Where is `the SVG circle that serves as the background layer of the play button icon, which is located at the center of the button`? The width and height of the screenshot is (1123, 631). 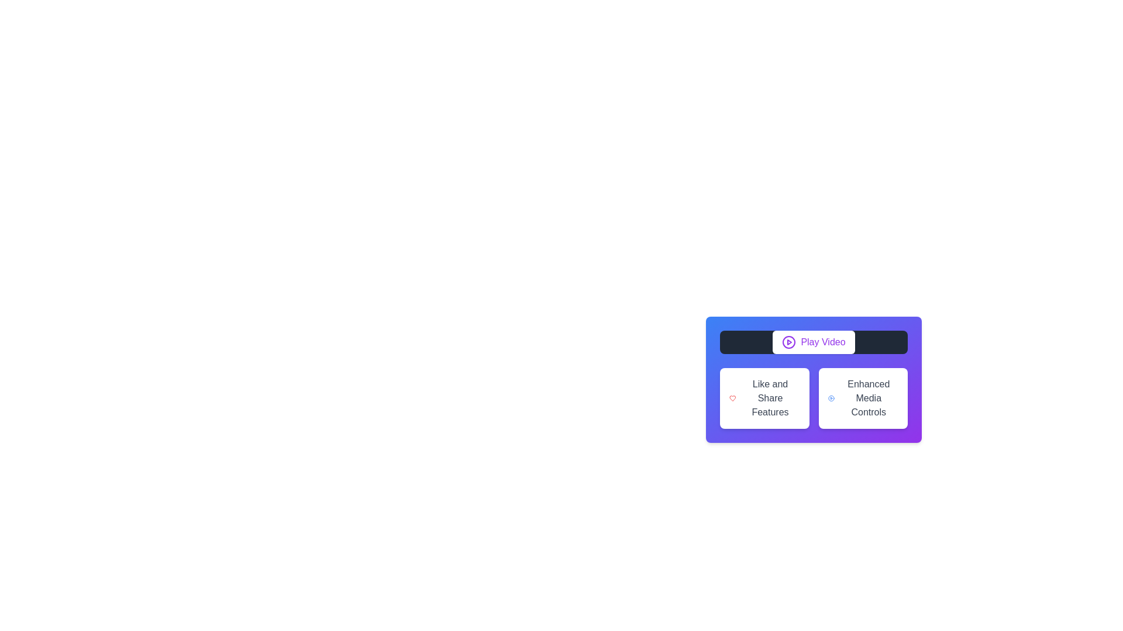 the SVG circle that serves as the background layer of the play button icon, which is located at the center of the button is located at coordinates (789, 342).